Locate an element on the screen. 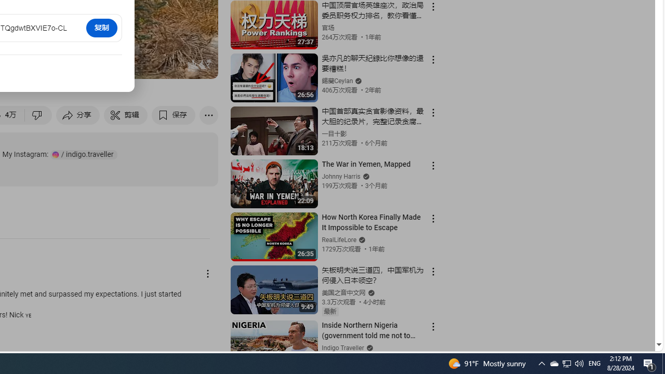 The height and width of the screenshot is (374, 665). 'Instagram Channel Link: indigo.traveller' is located at coordinates (84, 154).